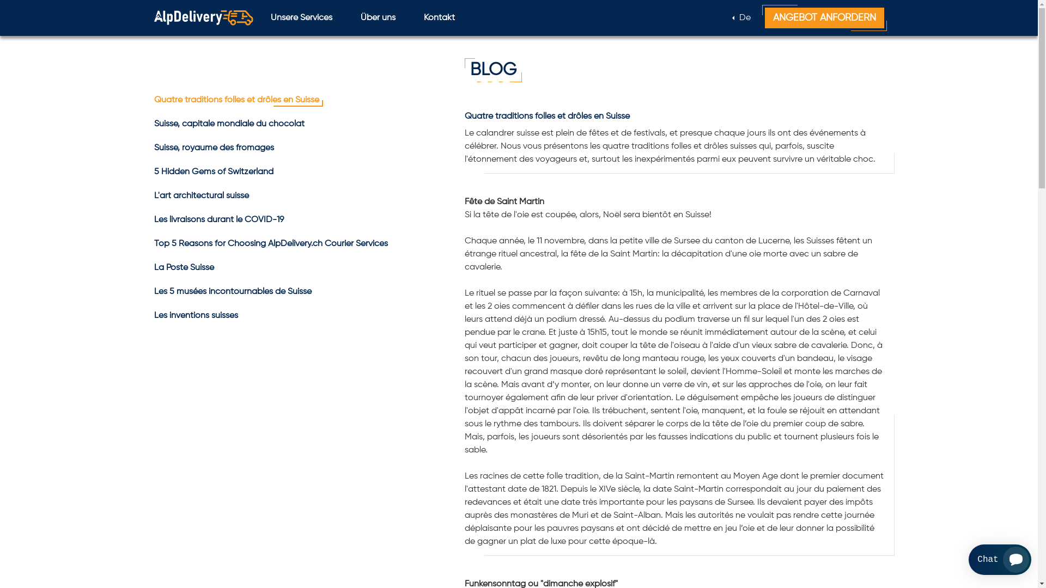  I want to click on 'Suisse, royaume des fromages', so click(214, 148).